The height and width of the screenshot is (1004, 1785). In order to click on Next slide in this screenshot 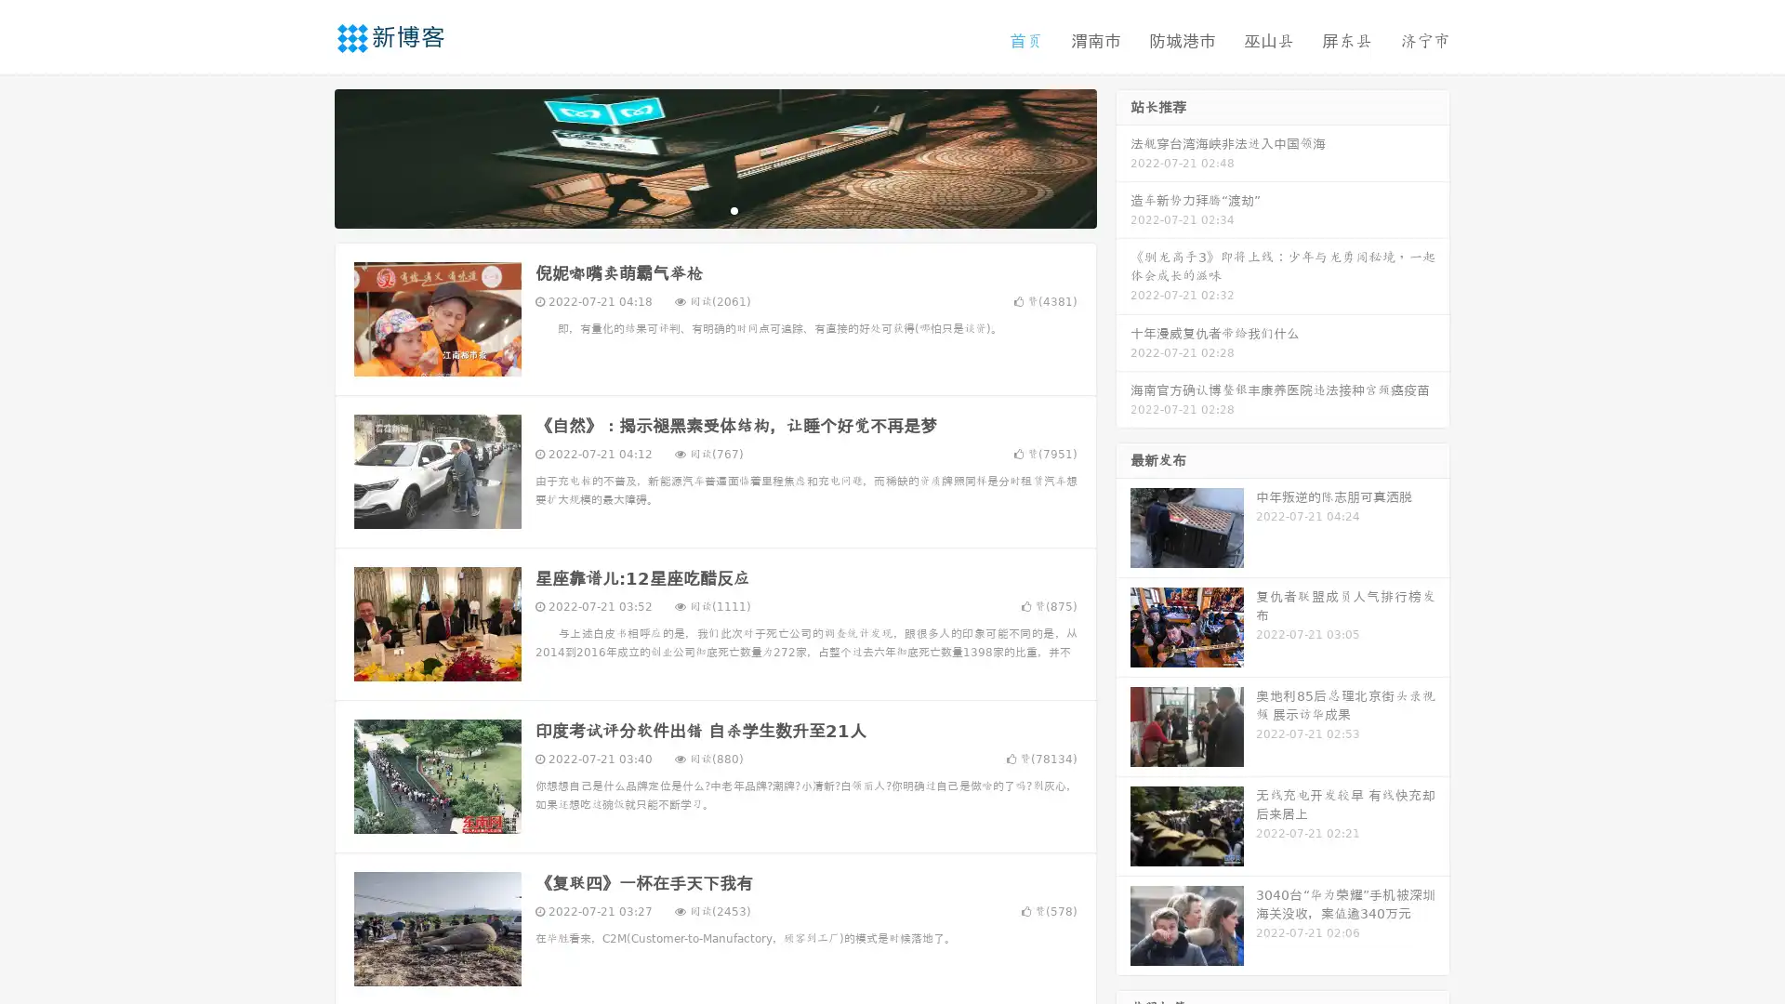, I will do `click(1123, 156)`.